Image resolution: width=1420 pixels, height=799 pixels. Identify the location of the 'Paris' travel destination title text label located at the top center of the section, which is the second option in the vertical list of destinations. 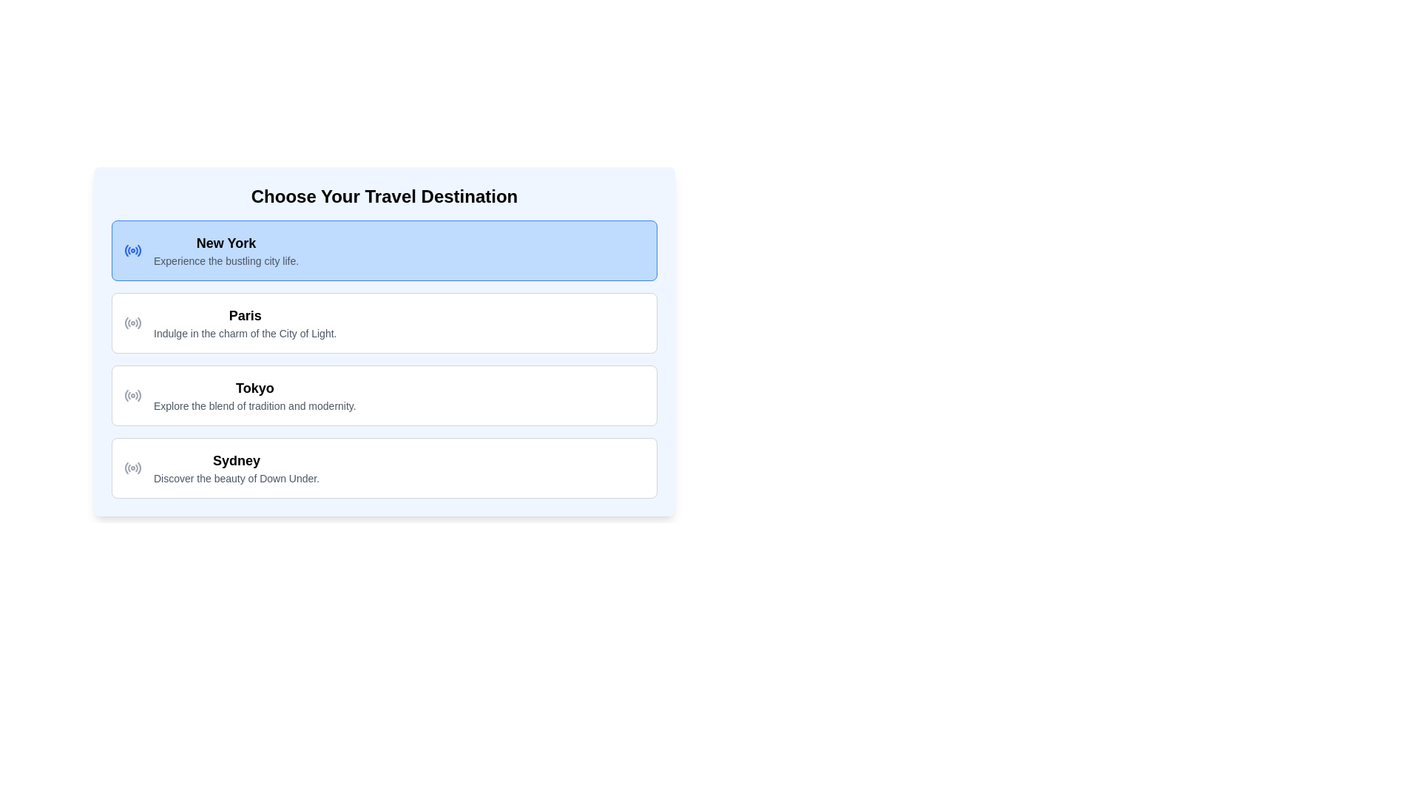
(245, 315).